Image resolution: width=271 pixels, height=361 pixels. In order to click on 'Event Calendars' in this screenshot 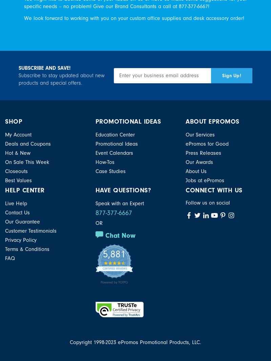, I will do `click(95, 153)`.